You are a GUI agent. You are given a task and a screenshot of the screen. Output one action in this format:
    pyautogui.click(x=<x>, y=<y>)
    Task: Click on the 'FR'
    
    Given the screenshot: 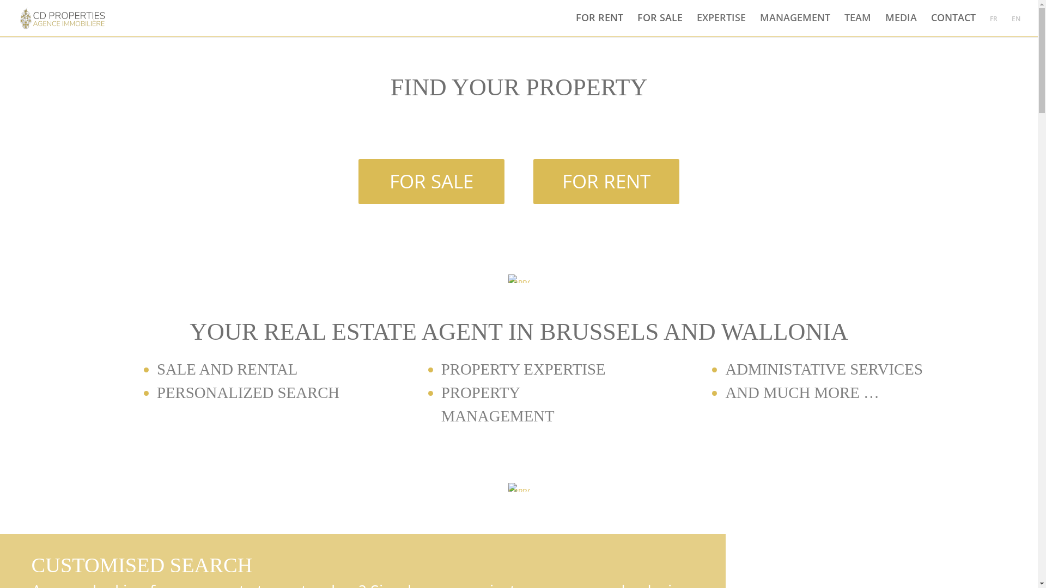 What is the action you would take?
    pyautogui.click(x=994, y=25)
    